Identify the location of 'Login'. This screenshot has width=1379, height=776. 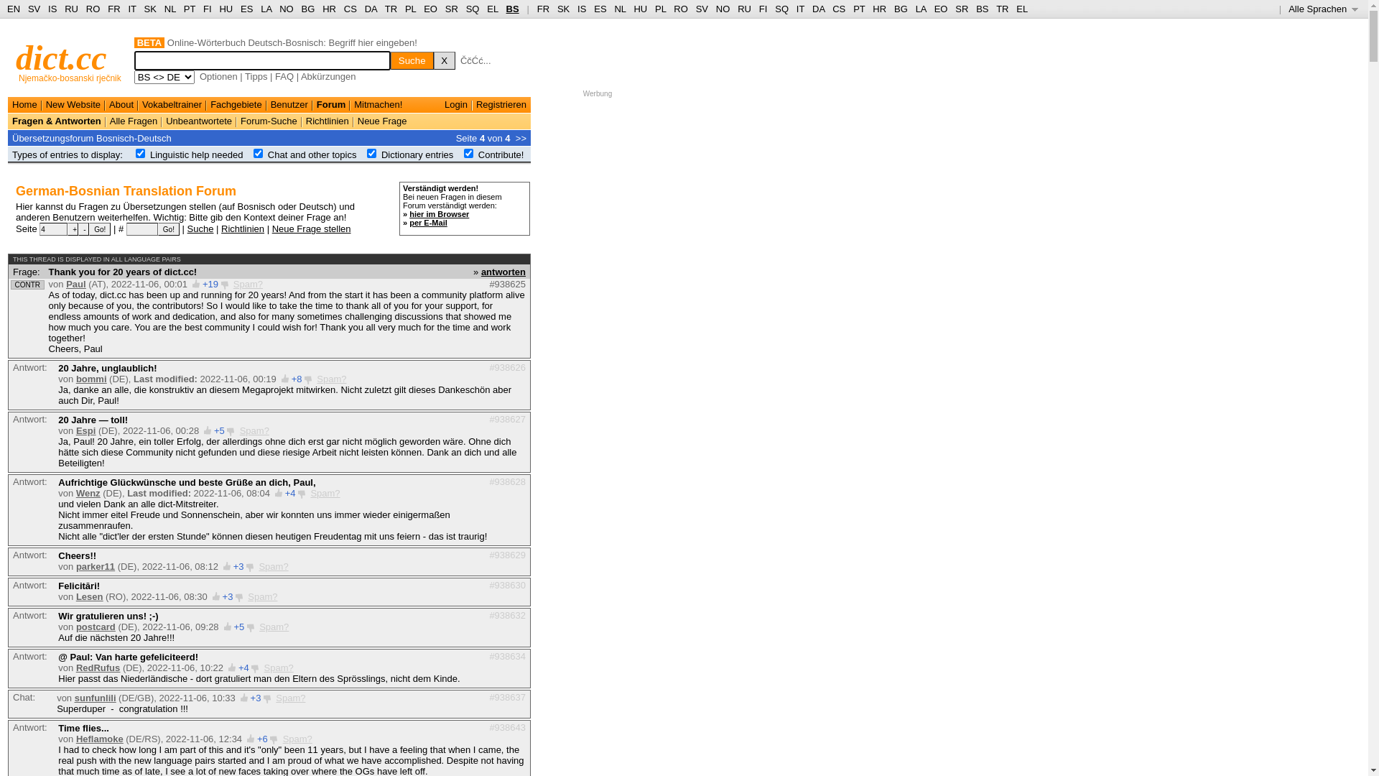
(455, 103).